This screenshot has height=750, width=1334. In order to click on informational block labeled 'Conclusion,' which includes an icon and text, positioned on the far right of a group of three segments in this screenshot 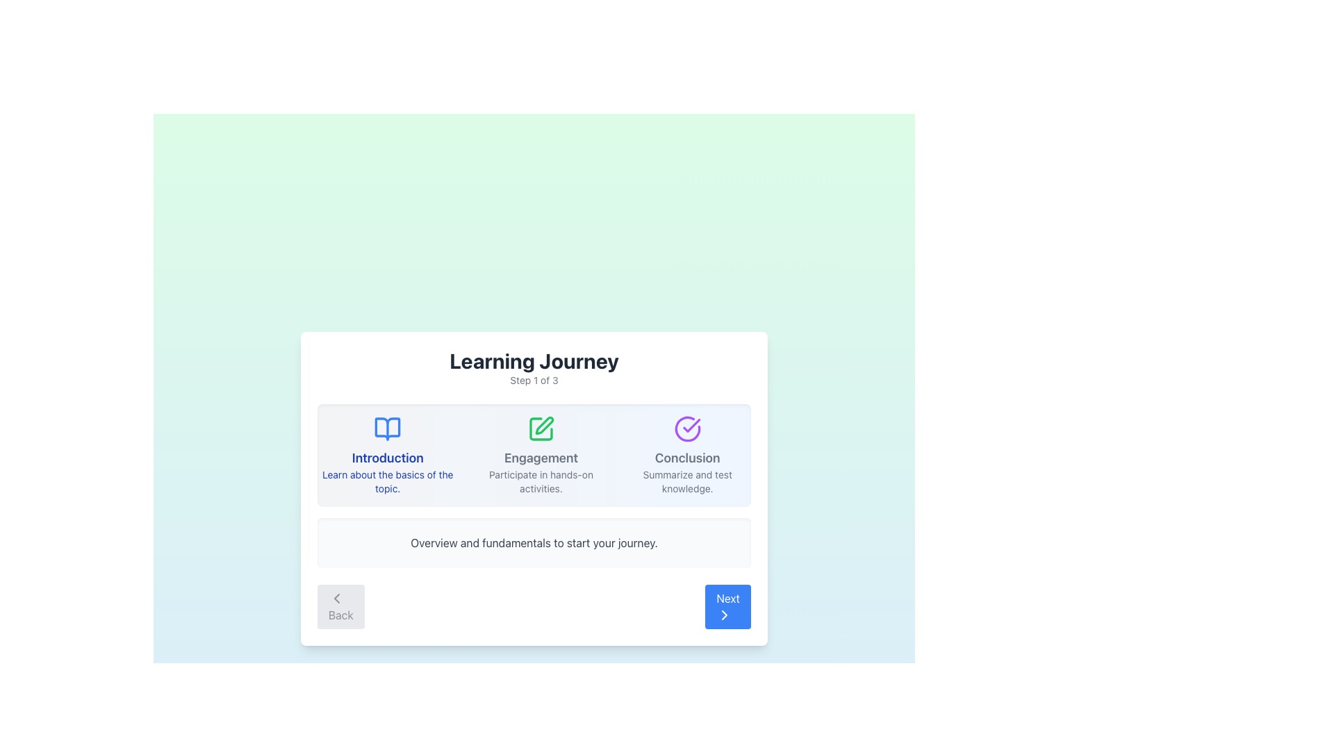, I will do `click(687, 455)`.